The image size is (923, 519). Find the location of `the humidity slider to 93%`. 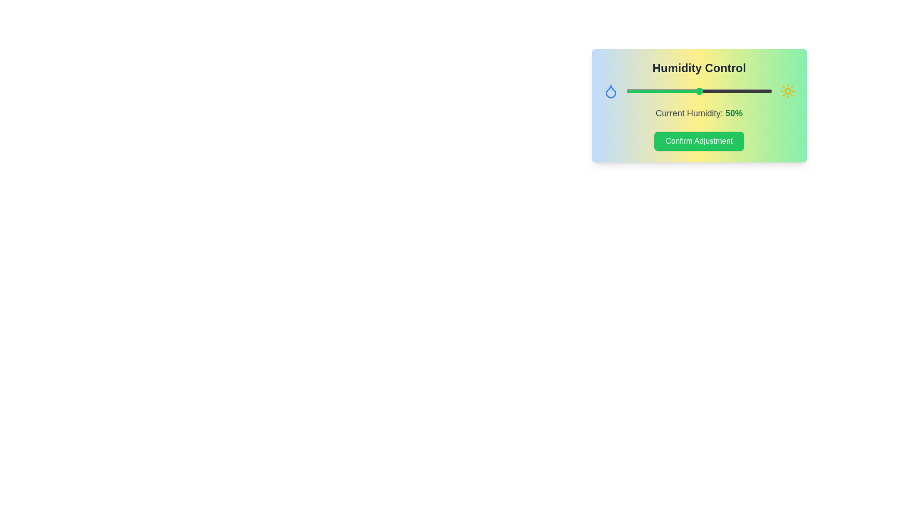

the humidity slider to 93% is located at coordinates (761, 91).